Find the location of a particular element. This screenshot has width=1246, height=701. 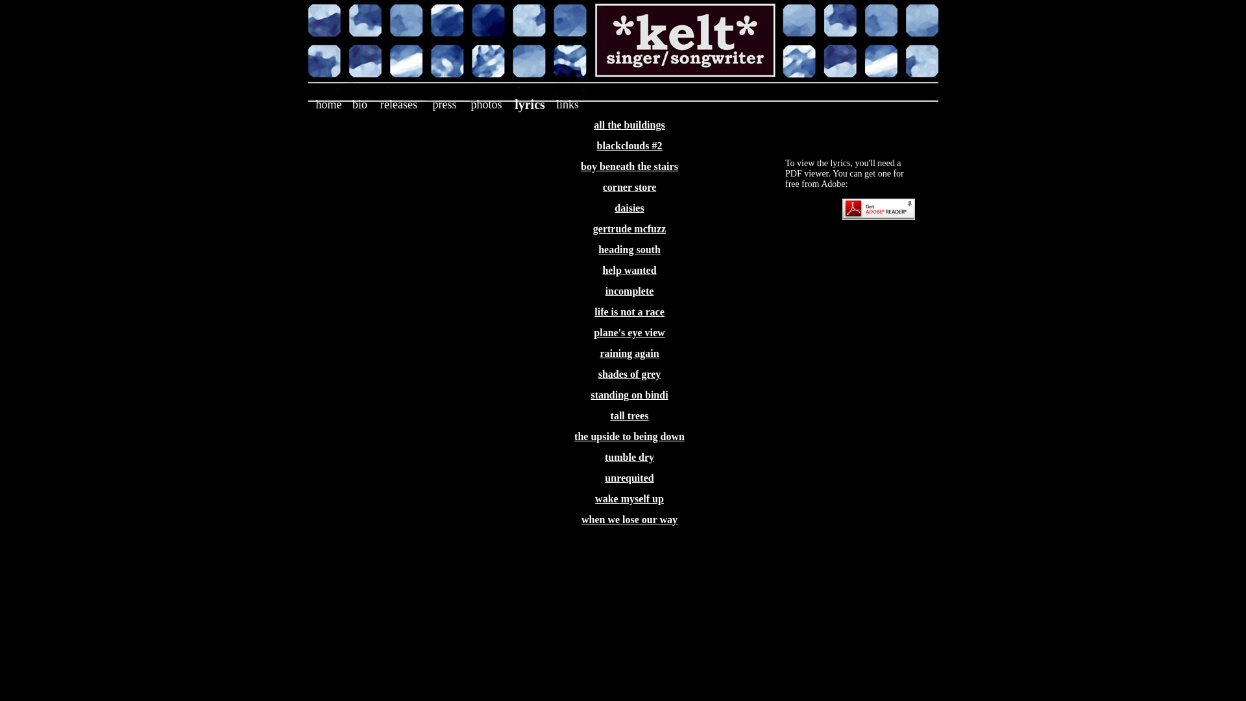

'help wanted' is located at coordinates (601, 269).